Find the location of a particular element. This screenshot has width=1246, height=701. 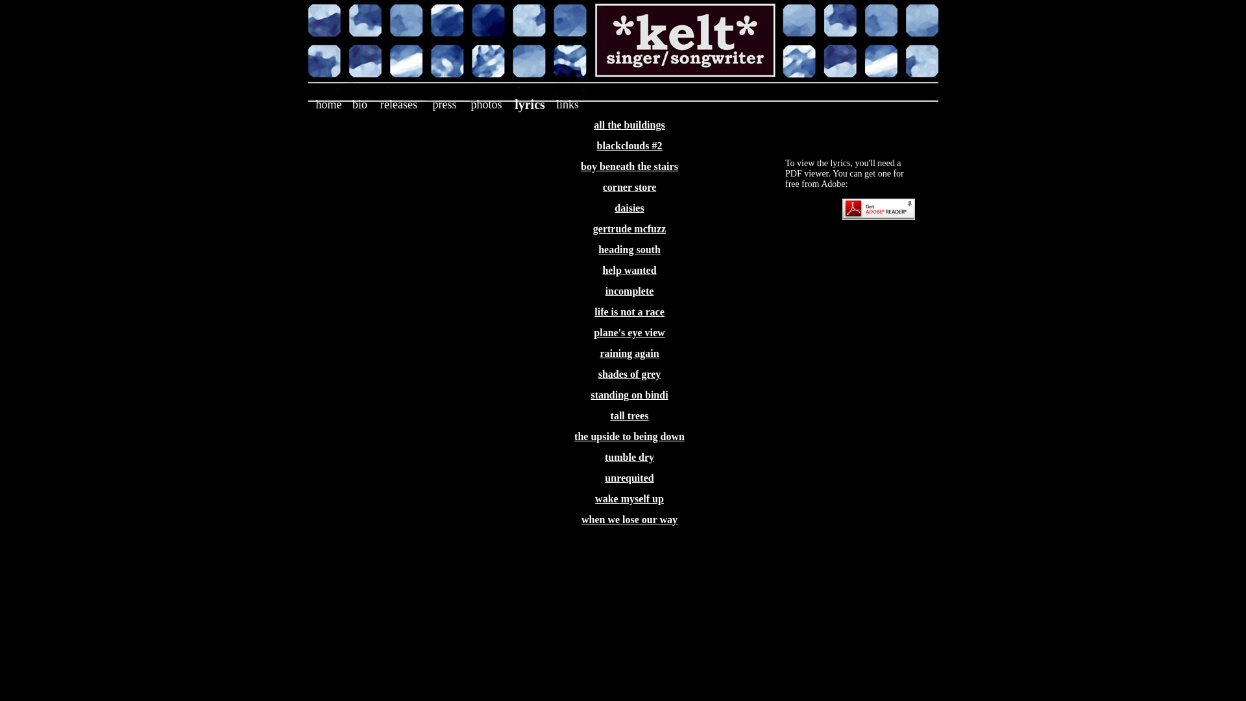

'help wanted' is located at coordinates (601, 269).